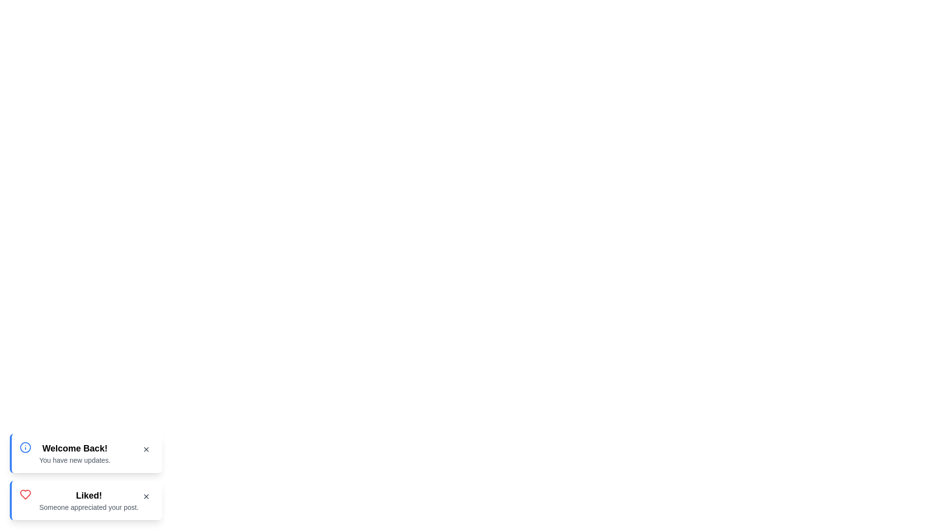 Image resolution: width=943 pixels, height=530 pixels. Describe the element at coordinates (146, 496) in the screenshot. I see `the close button of the snackbar with title 'Liked!'` at that location.